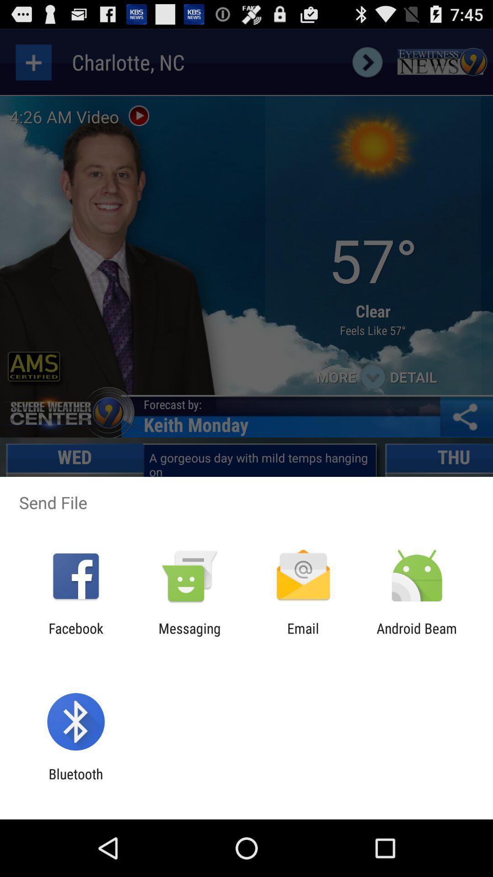  Describe the element at coordinates (75, 636) in the screenshot. I see `icon to the left of the messaging` at that location.